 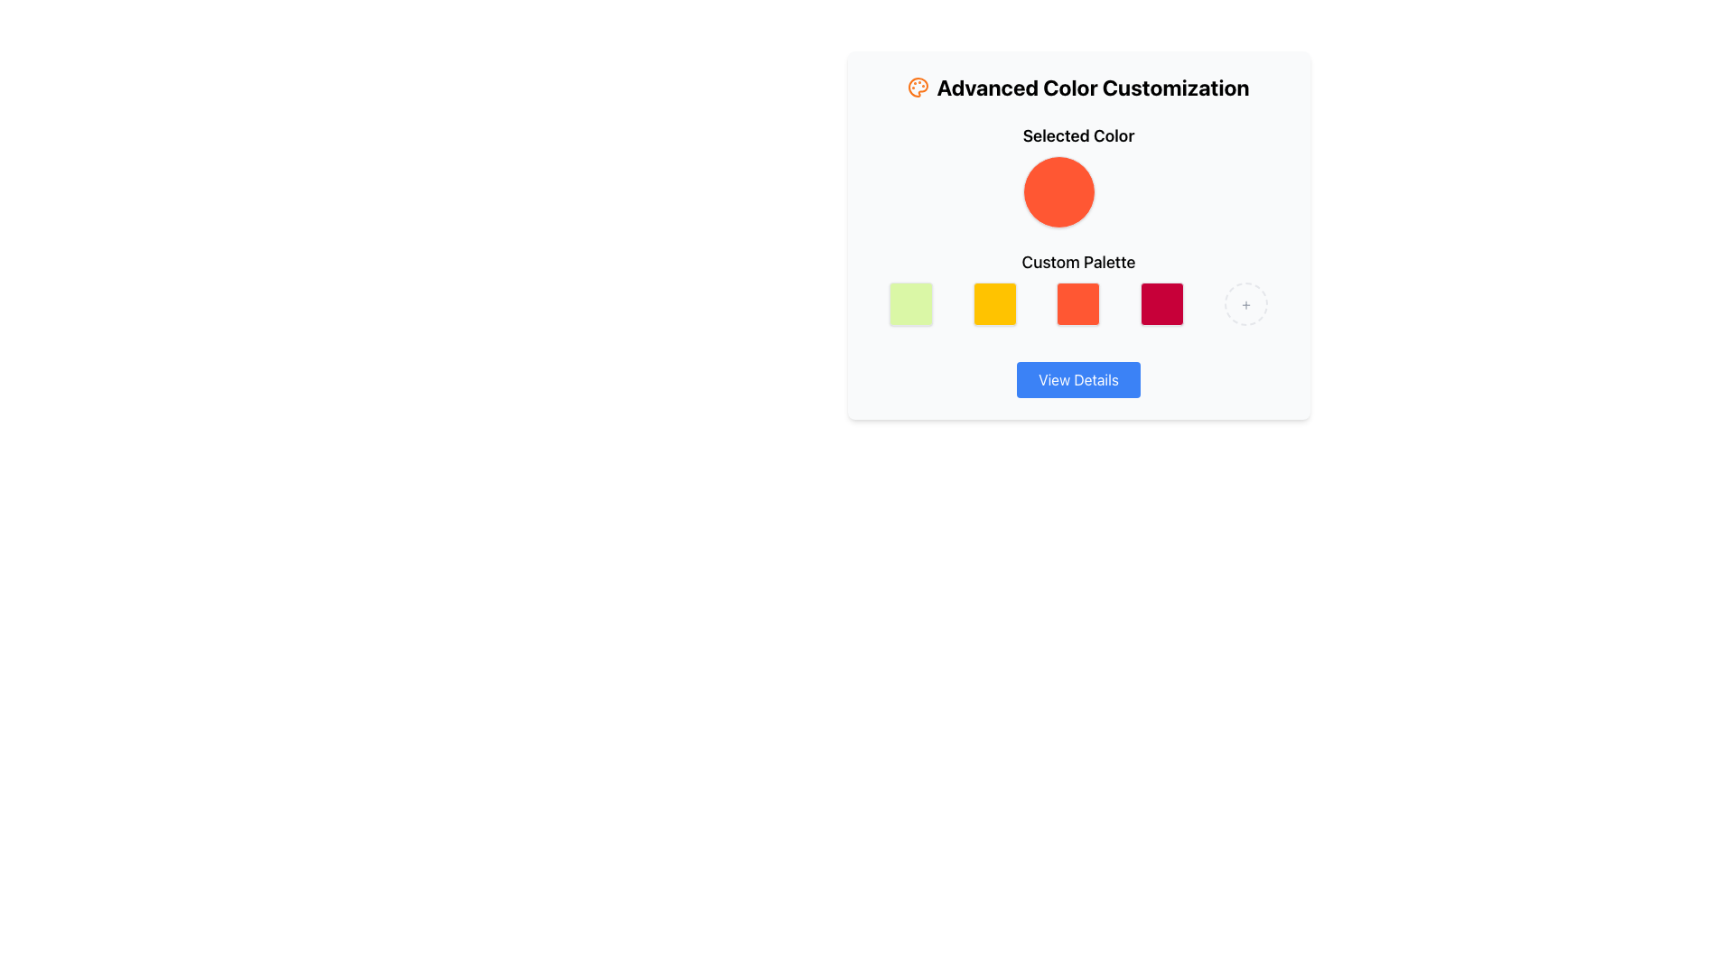 What do you see at coordinates (1058, 191) in the screenshot?
I see `the circular, red-colored decorative element located below the 'Selected Color' text` at bounding box center [1058, 191].